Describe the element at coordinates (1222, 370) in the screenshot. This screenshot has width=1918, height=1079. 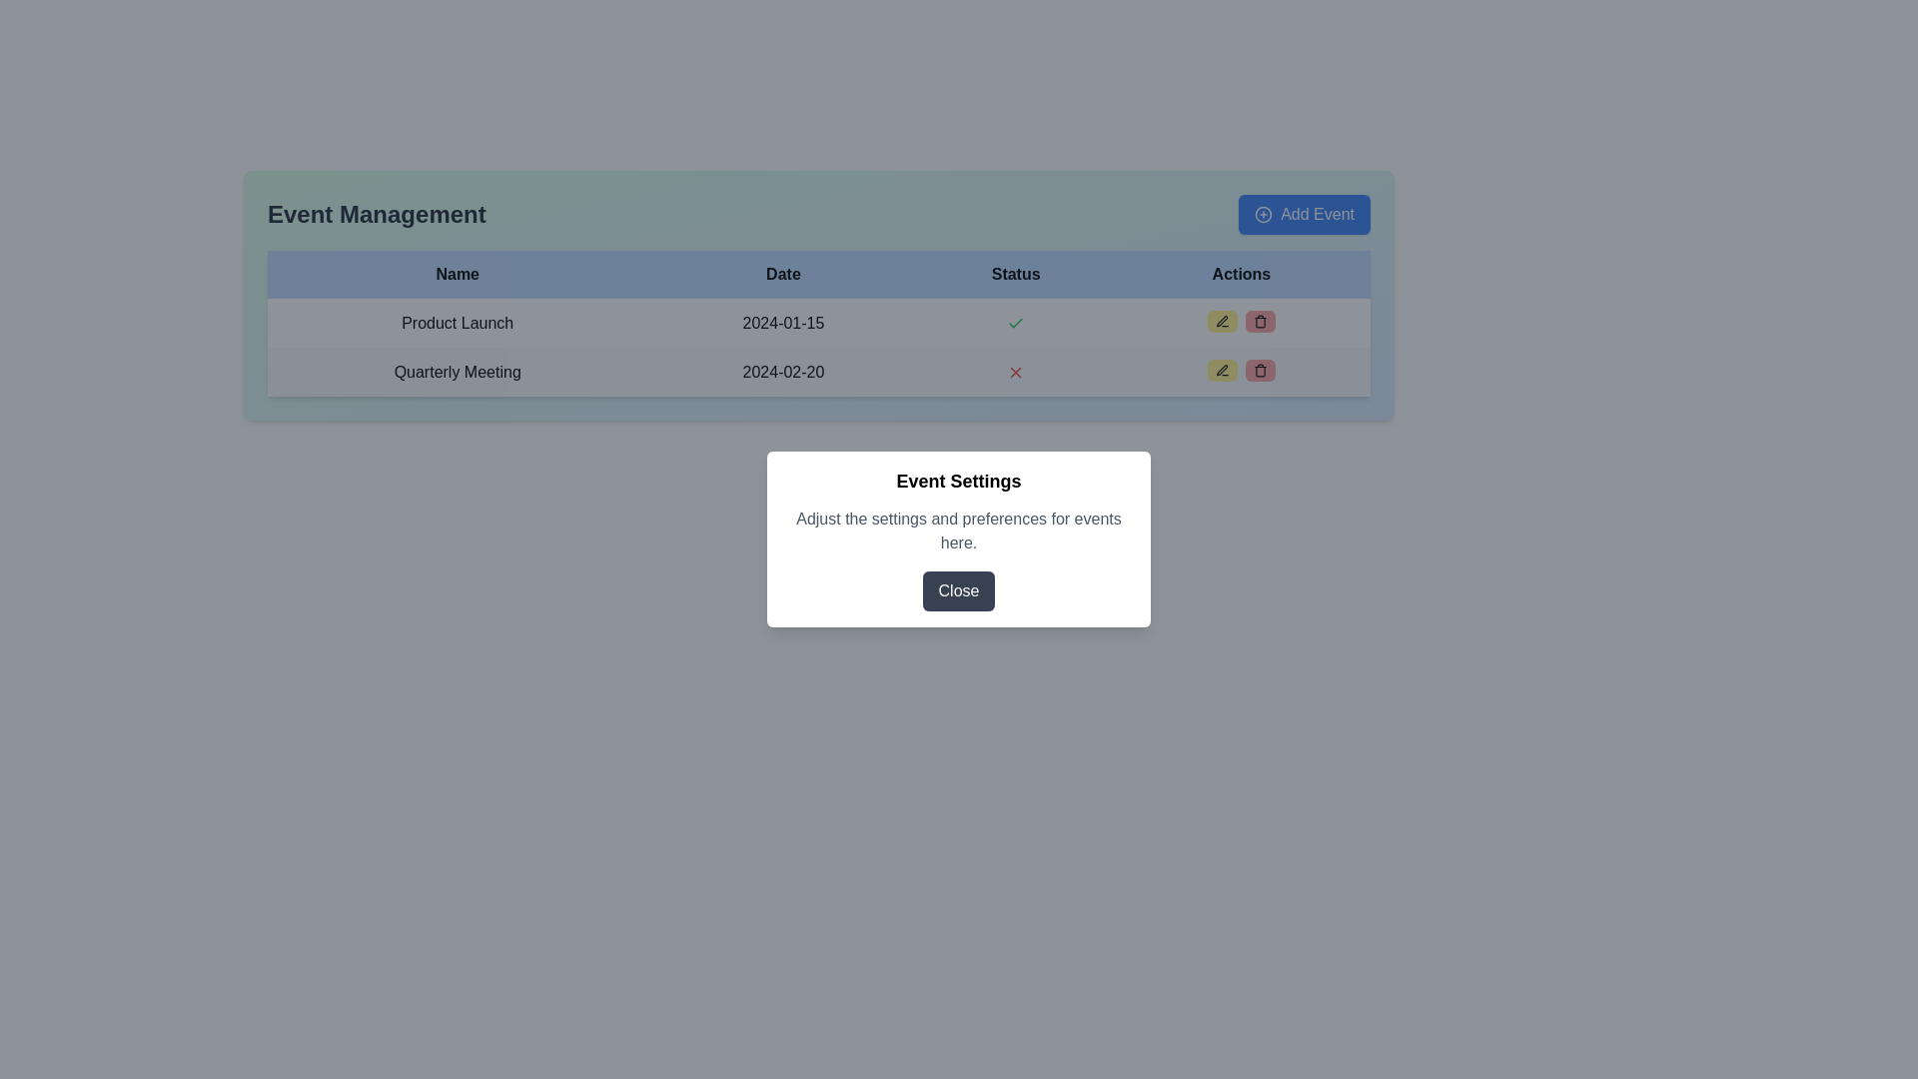
I see `the edit button located in the 'Actions' column of the second row in the table to initiate an edit action` at that location.